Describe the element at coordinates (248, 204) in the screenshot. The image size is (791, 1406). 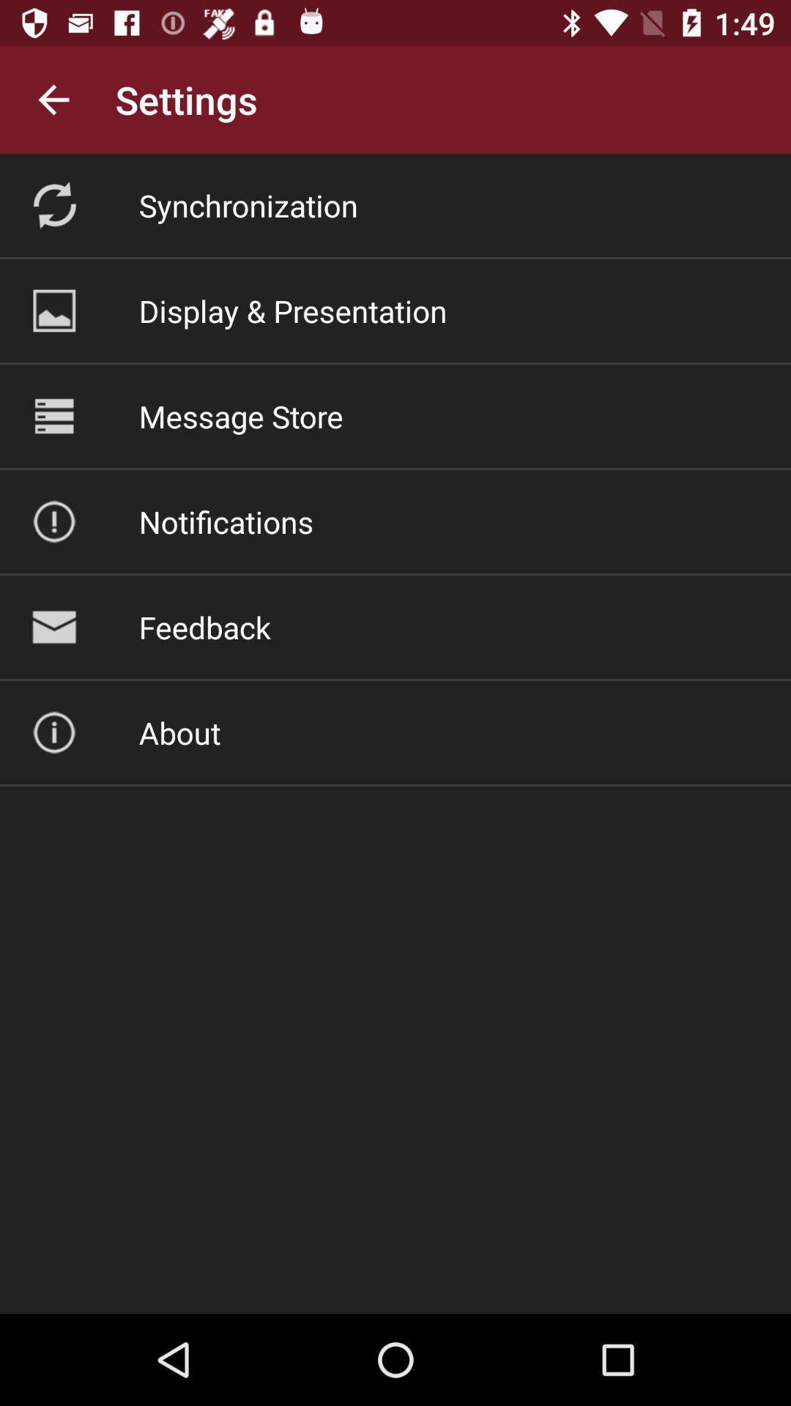
I see `icon above display & presentation item` at that location.